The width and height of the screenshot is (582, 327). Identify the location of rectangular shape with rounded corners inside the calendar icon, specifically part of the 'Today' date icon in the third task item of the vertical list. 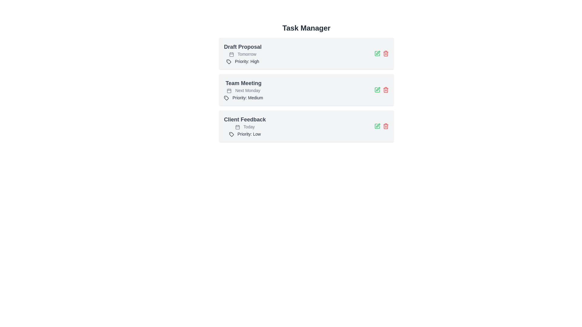
(237, 127).